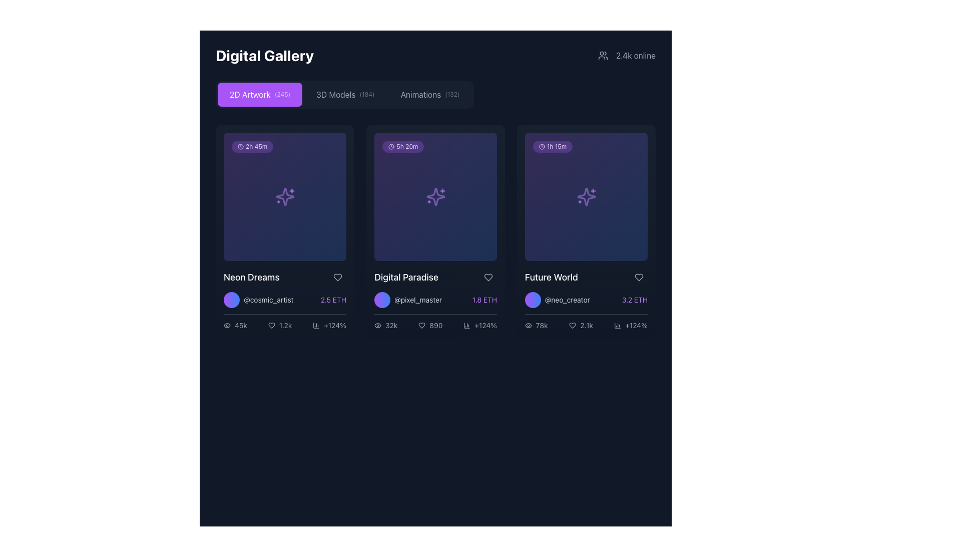 Image resolution: width=961 pixels, height=541 pixels. I want to click on text '2.1k' from the heart icon located in the stats section below the 'Future World' card, specifically as the second metric among three, so click(581, 326).